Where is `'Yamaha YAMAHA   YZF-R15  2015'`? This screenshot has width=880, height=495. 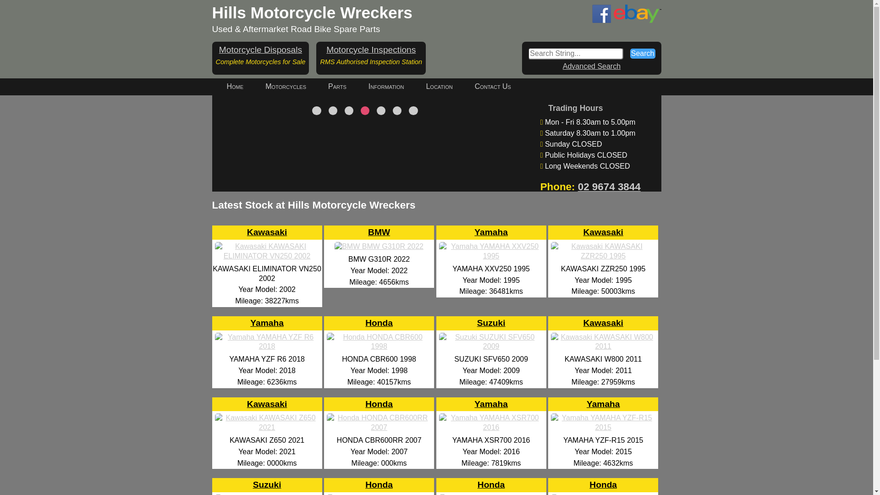
'Yamaha YAMAHA   YZF-R15  2015' is located at coordinates (603, 427).